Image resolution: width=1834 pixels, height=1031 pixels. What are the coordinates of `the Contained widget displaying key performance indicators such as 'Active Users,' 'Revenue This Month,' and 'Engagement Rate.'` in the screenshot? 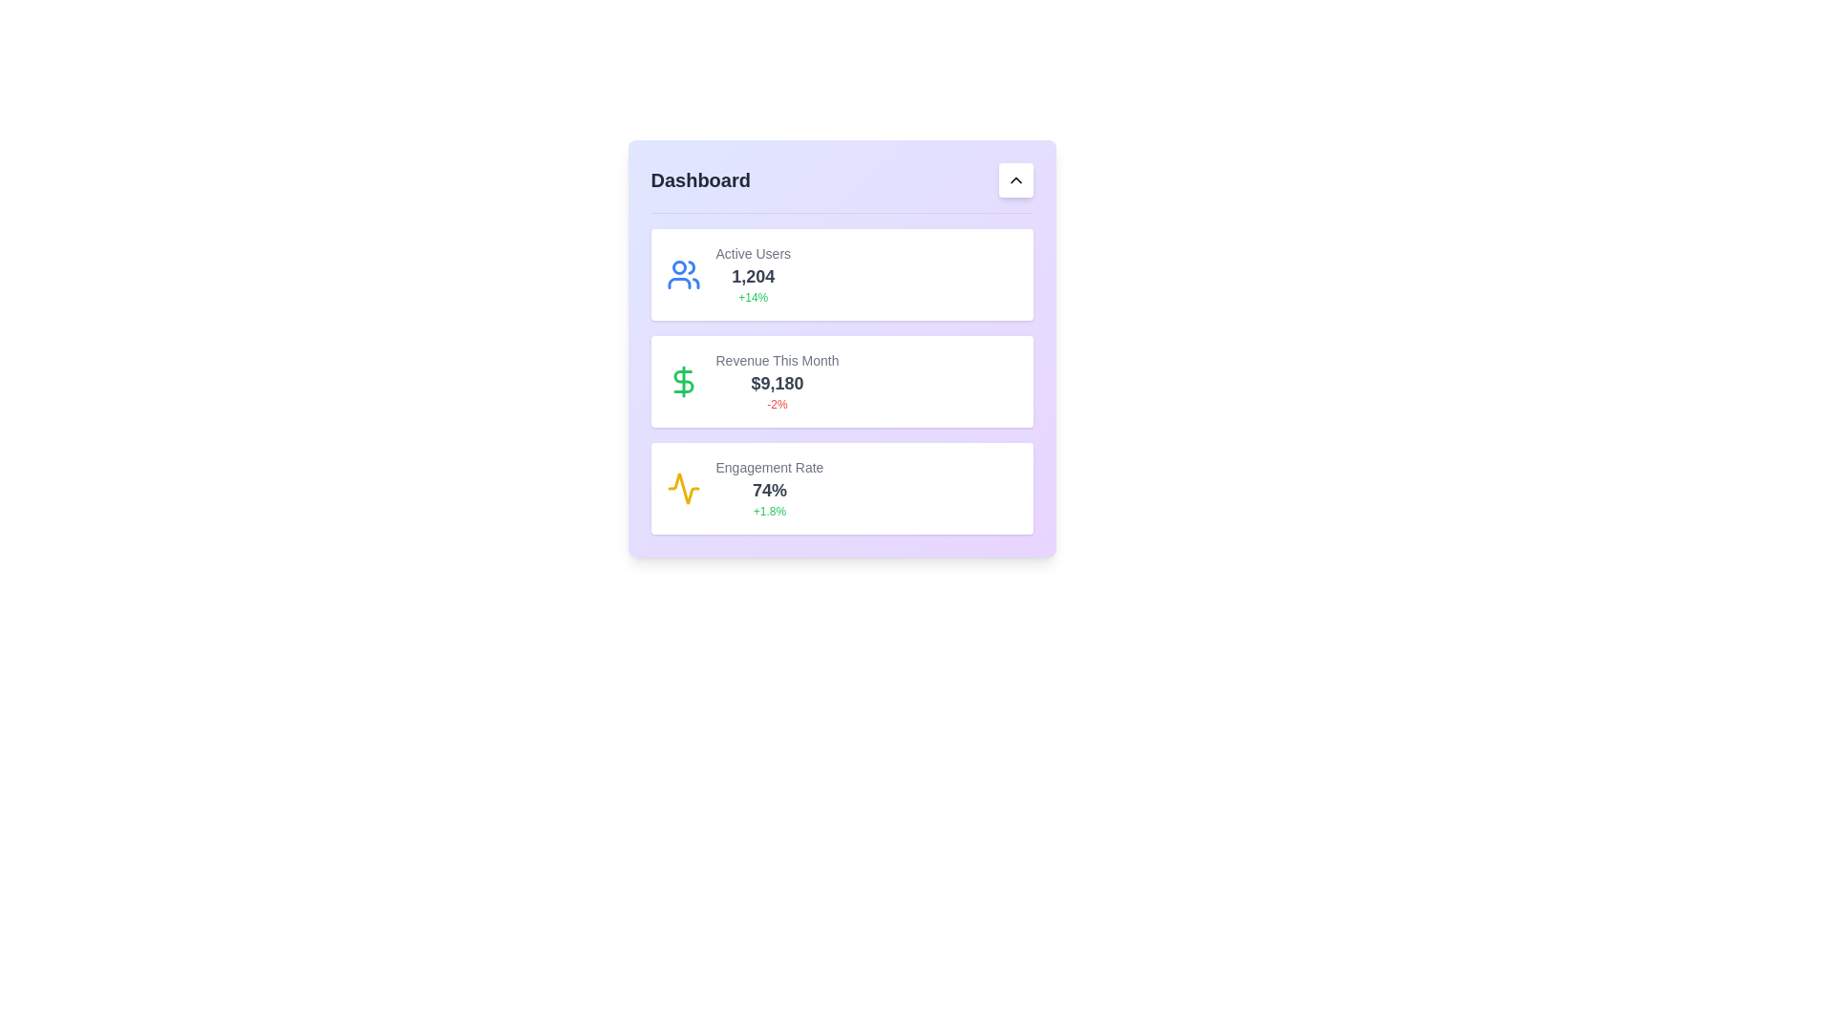 It's located at (841, 348).